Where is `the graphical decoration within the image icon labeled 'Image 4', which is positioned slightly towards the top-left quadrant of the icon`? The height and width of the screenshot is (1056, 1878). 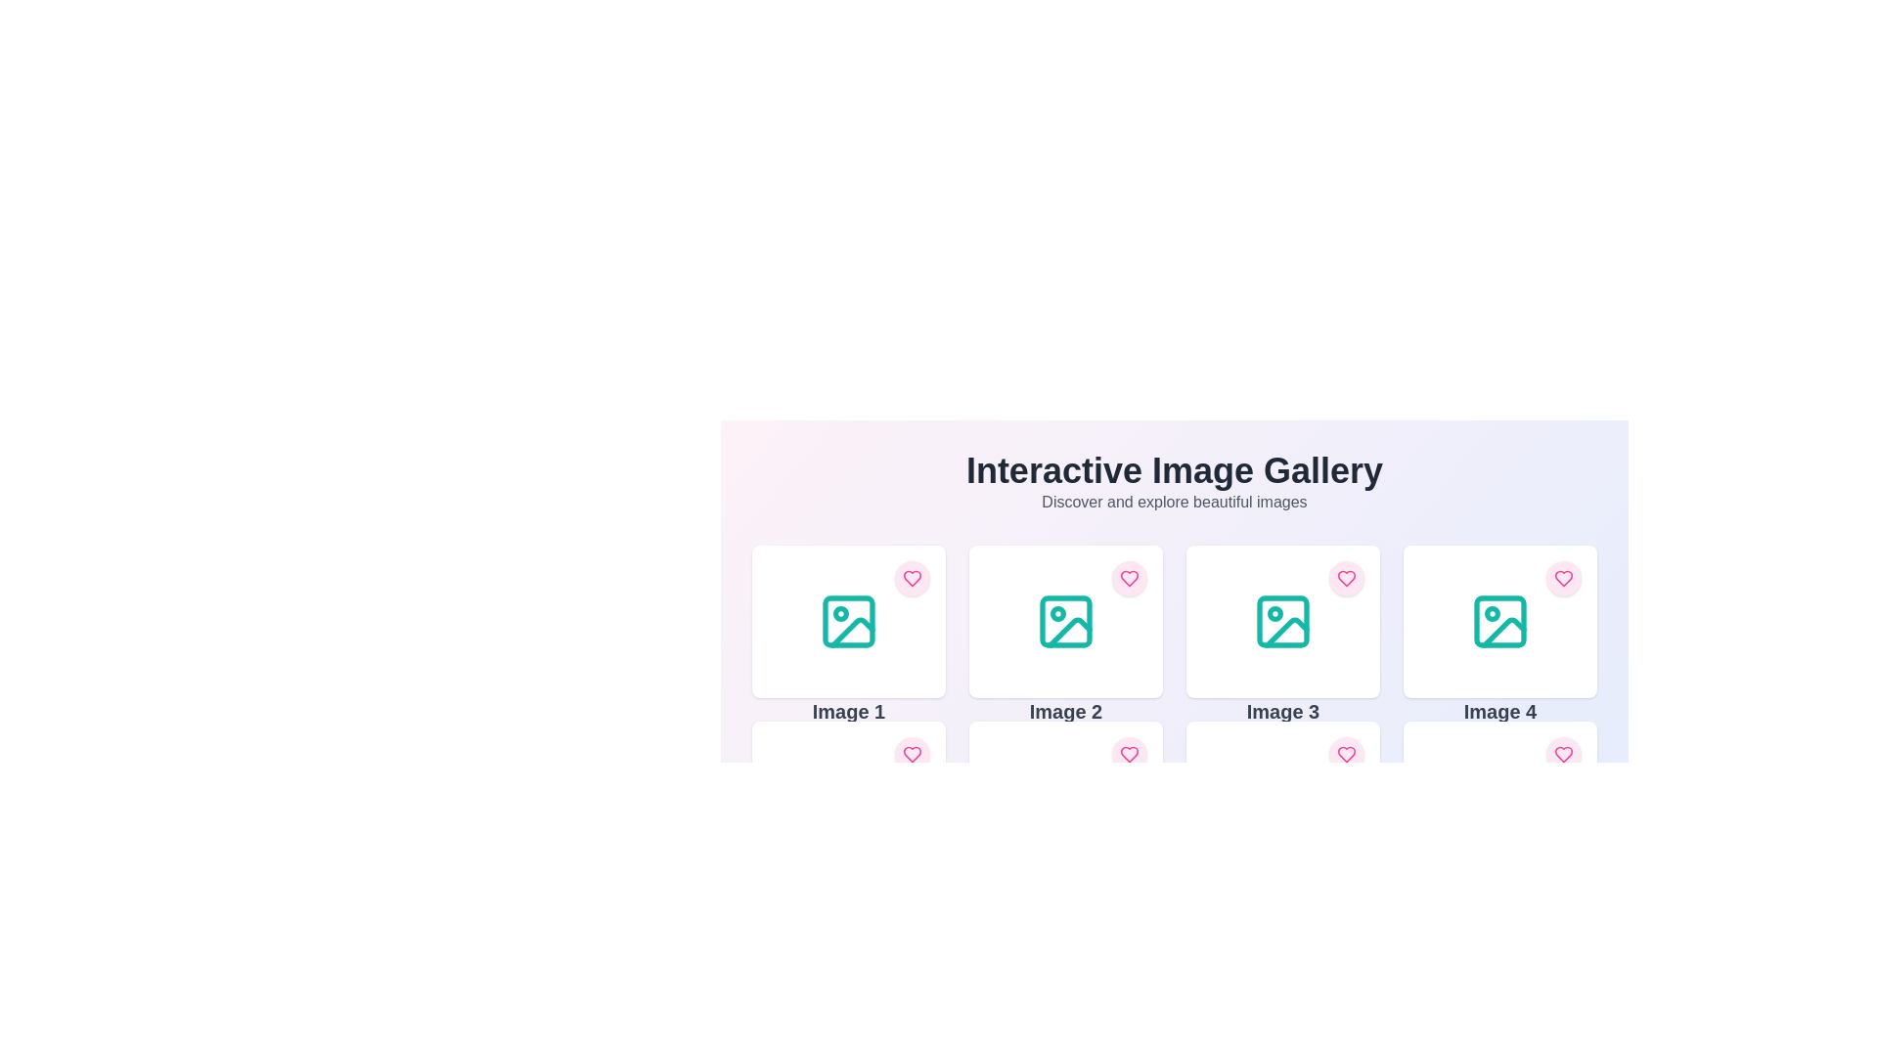 the graphical decoration within the image icon labeled 'Image 4', which is positioned slightly towards the top-left quadrant of the icon is located at coordinates (1492, 613).